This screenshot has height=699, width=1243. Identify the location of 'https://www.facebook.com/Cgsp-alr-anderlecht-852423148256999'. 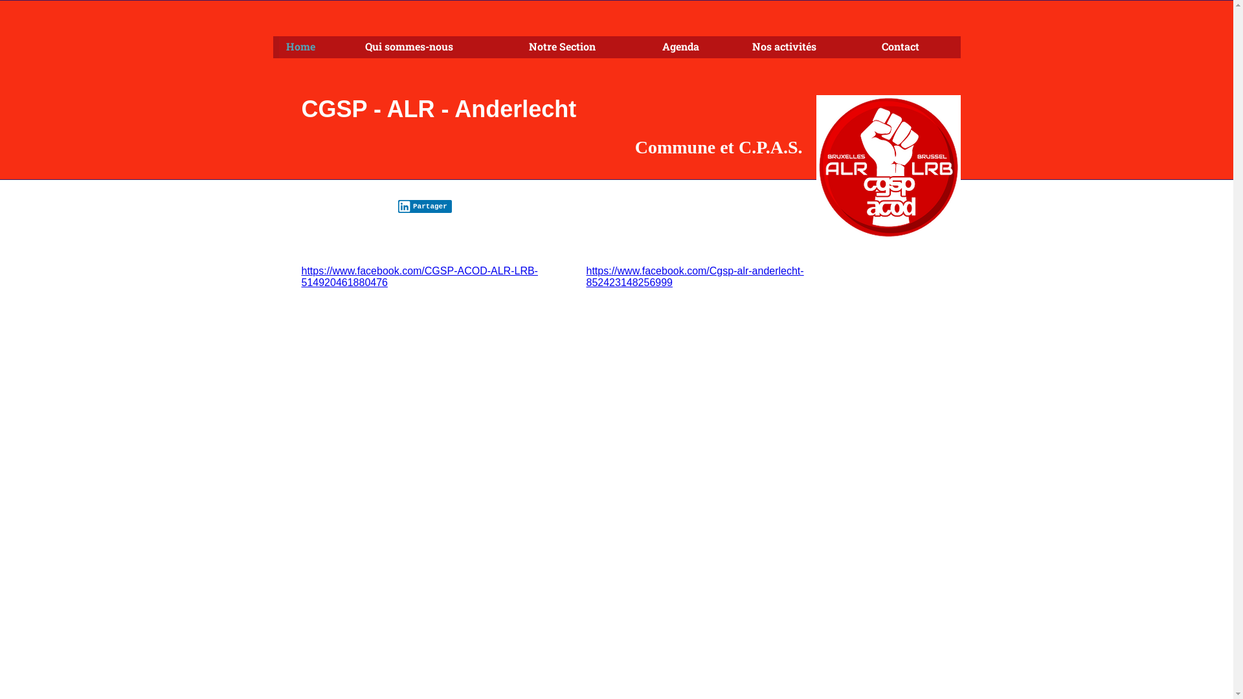
(695, 276).